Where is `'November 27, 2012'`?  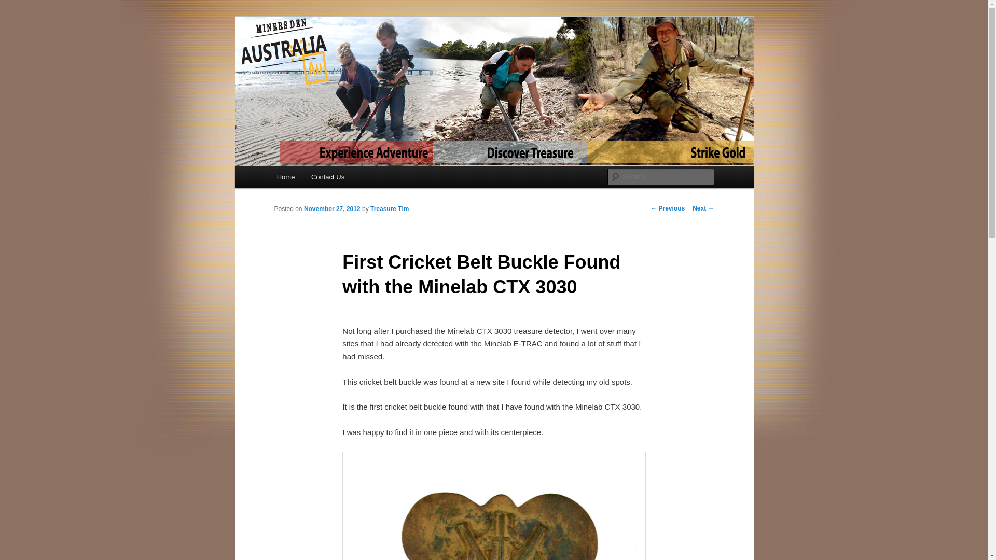 'November 27, 2012' is located at coordinates (303, 208).